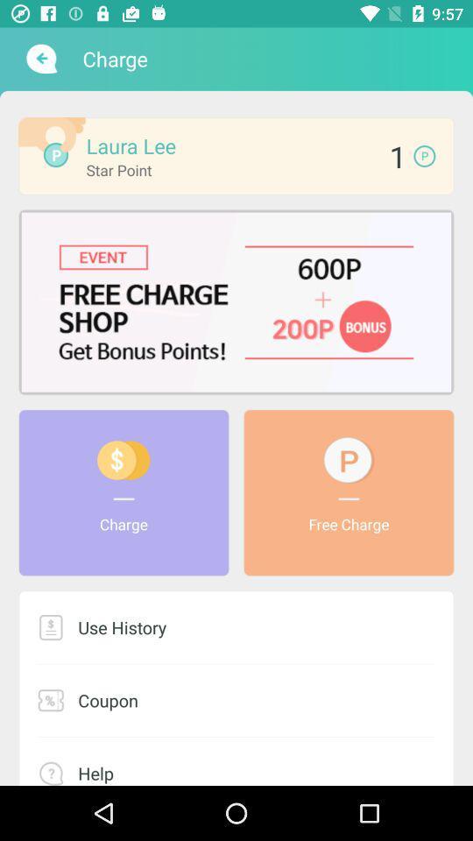 The width and height of the screenshot is (473, 841). What do you see at coordinates (39, 59) in the screenshot?
I see `the item to the left of charge item` at bounding box center [39, 59].